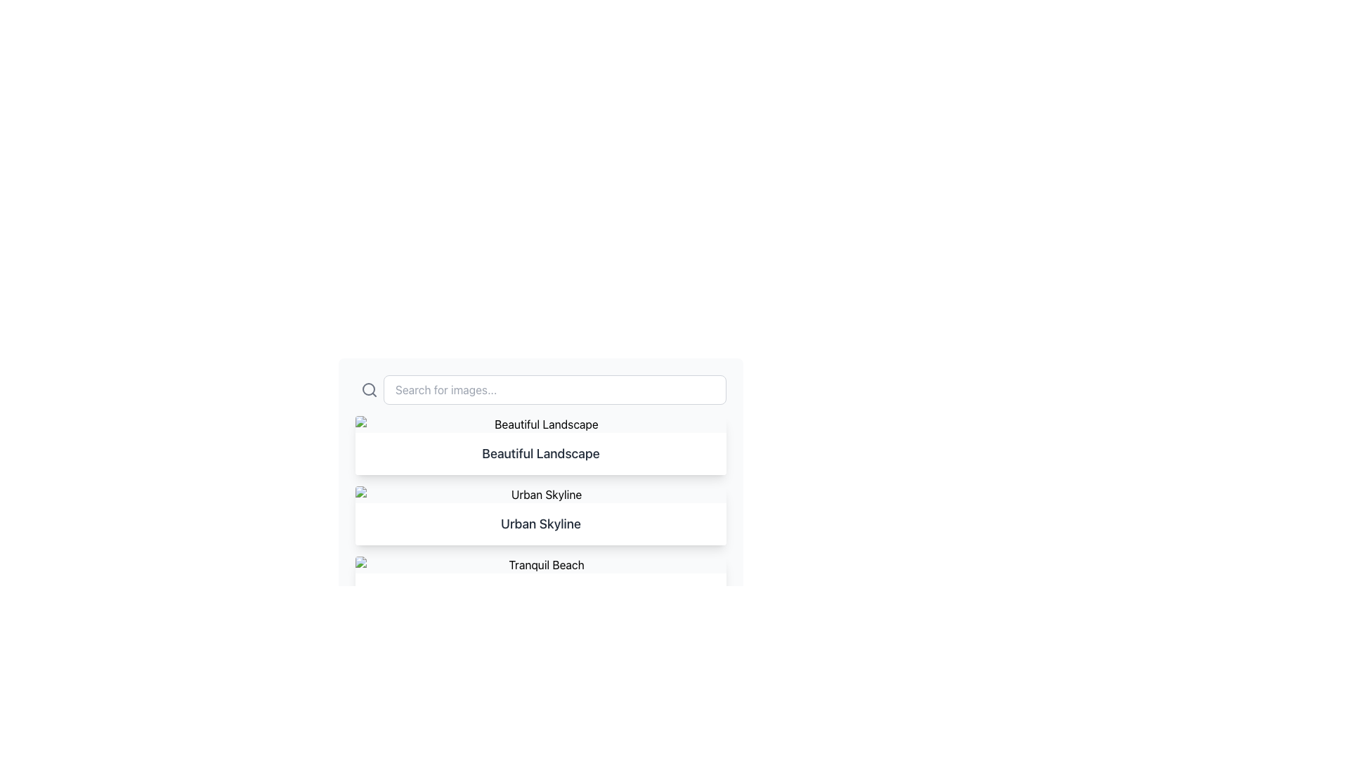 This screenshot has height=759, width=1349. Describe the element at coordinates (370, 390) in the screenshot. I see `the static decorative search icon located to the left of the input field with the placeholder text 'Search for images...'` at that location.